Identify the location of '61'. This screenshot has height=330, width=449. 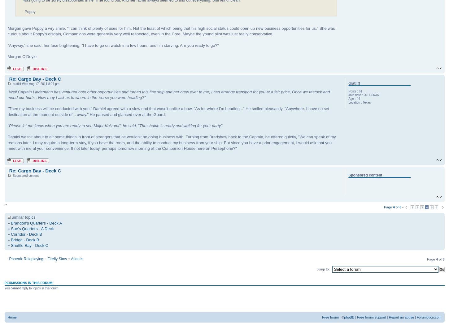
(360, 91).